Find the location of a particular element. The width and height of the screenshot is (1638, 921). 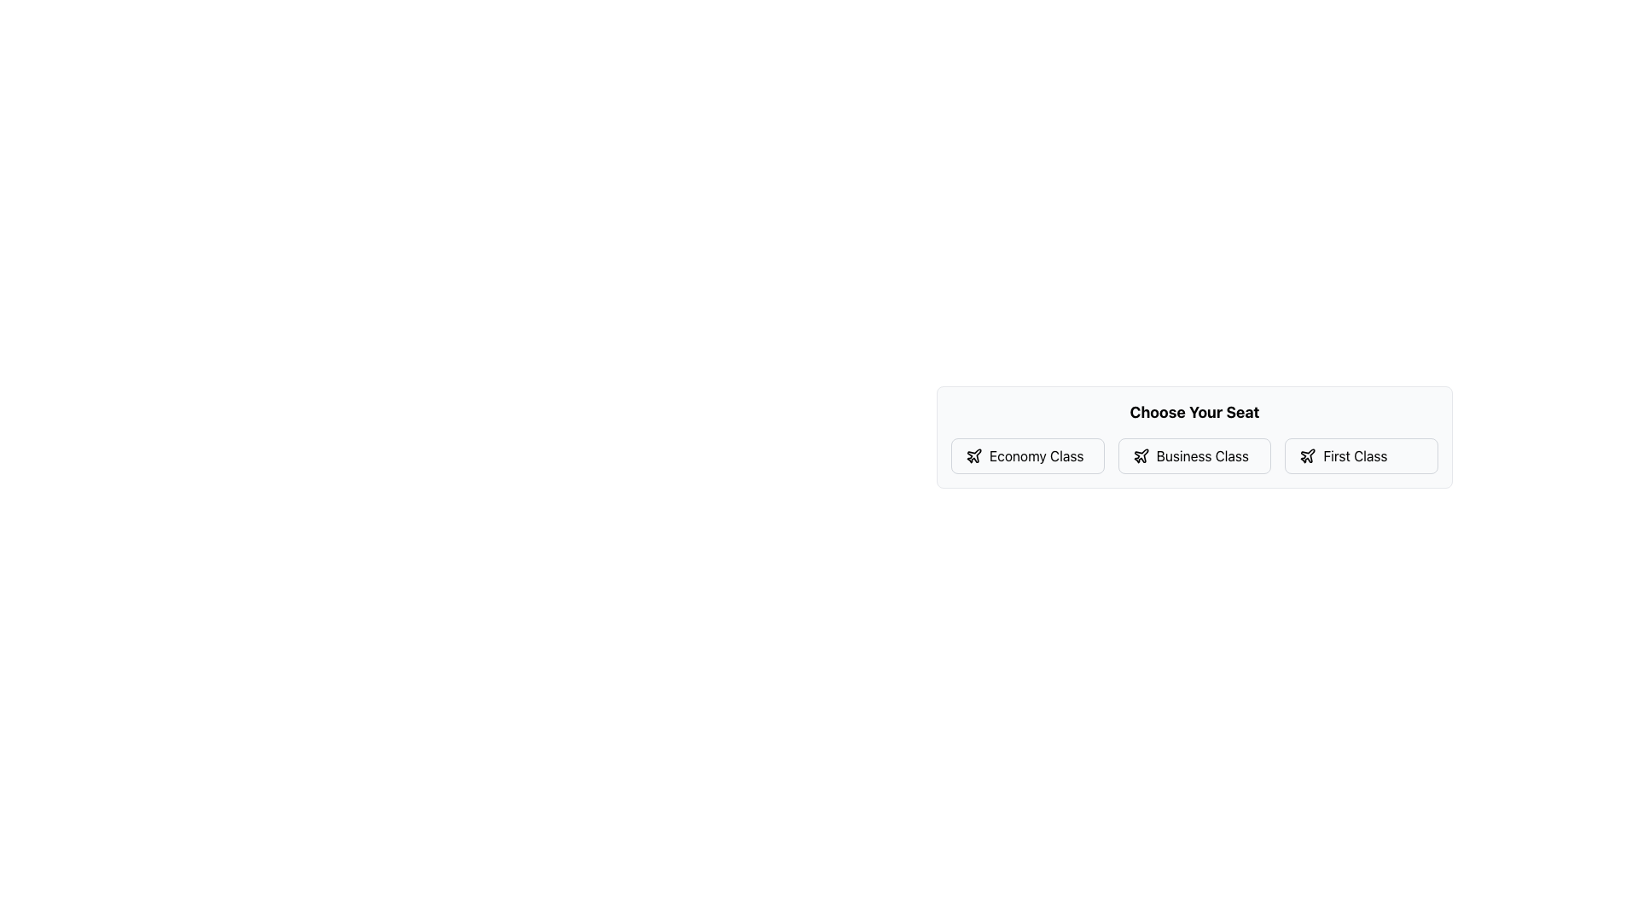

the 'Business Class' text label, which is the second option in a row of three class selection labels in the ticket booking interface is located at coordinates (1201, 455).